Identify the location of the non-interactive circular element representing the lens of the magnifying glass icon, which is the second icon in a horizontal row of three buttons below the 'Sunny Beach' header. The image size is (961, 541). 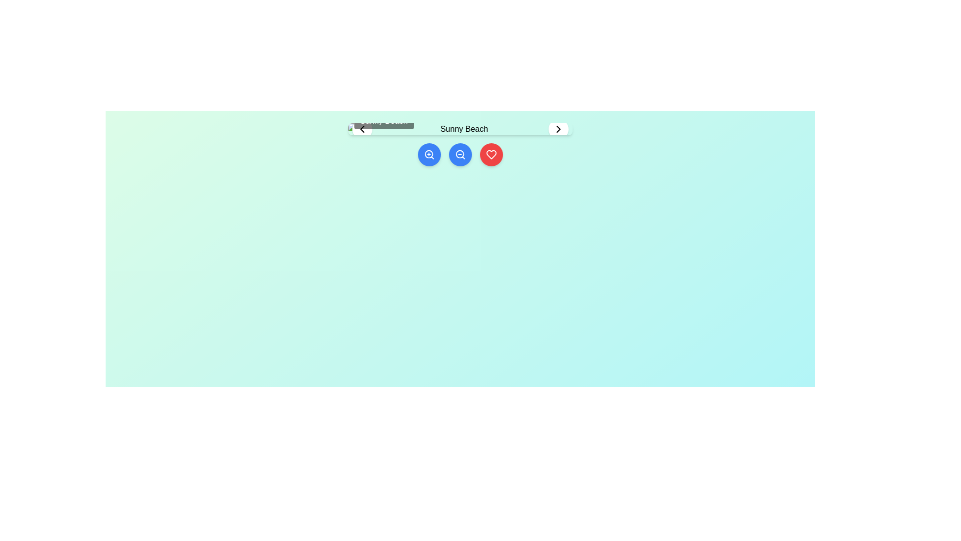
(428, 154).